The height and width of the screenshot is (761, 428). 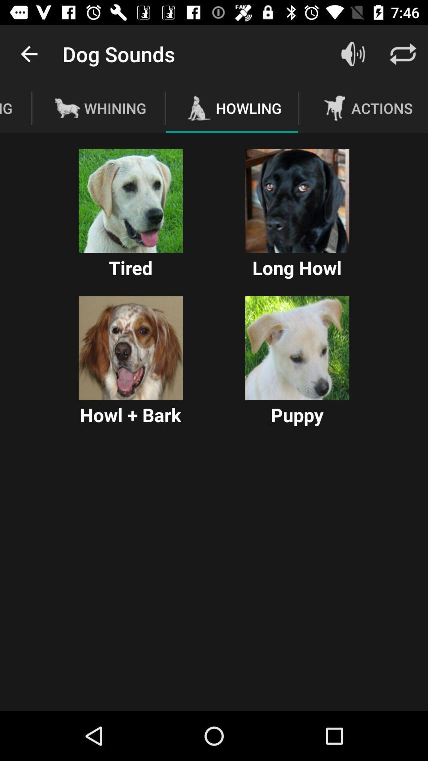 What do you see at coordinates (353, 54) in the screenshot?
I see `sounds` at bounding box center [353, 54].